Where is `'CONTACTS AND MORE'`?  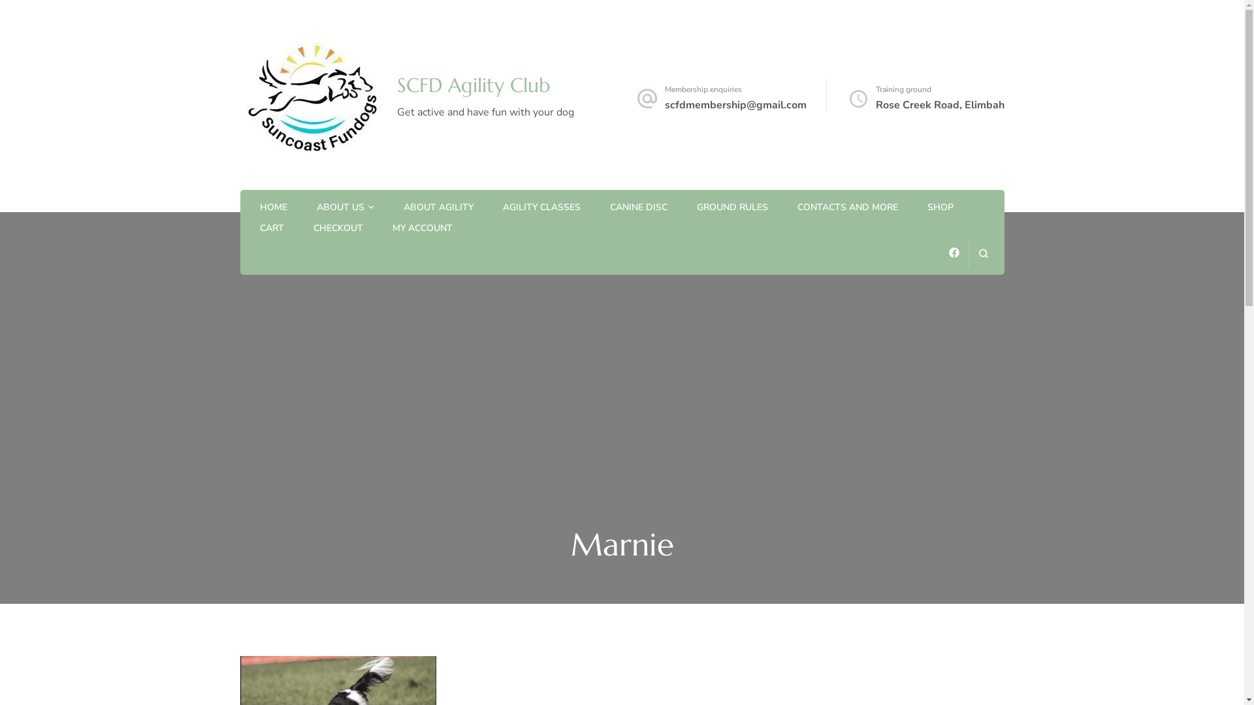
'CONTACTS AND MORE' is located at coordinates (846, 208).